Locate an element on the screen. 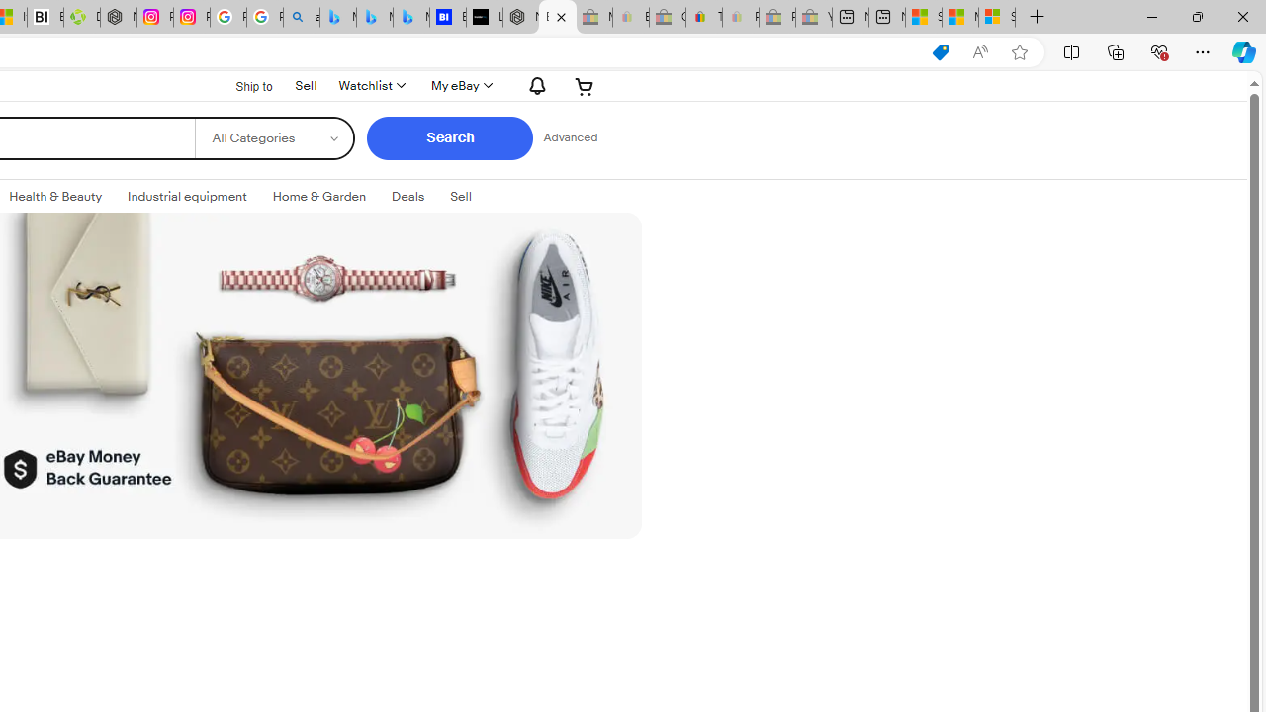 This screenshot has height=712, width=1266. 'Select a category for search' is located at coordinates (273, 137).